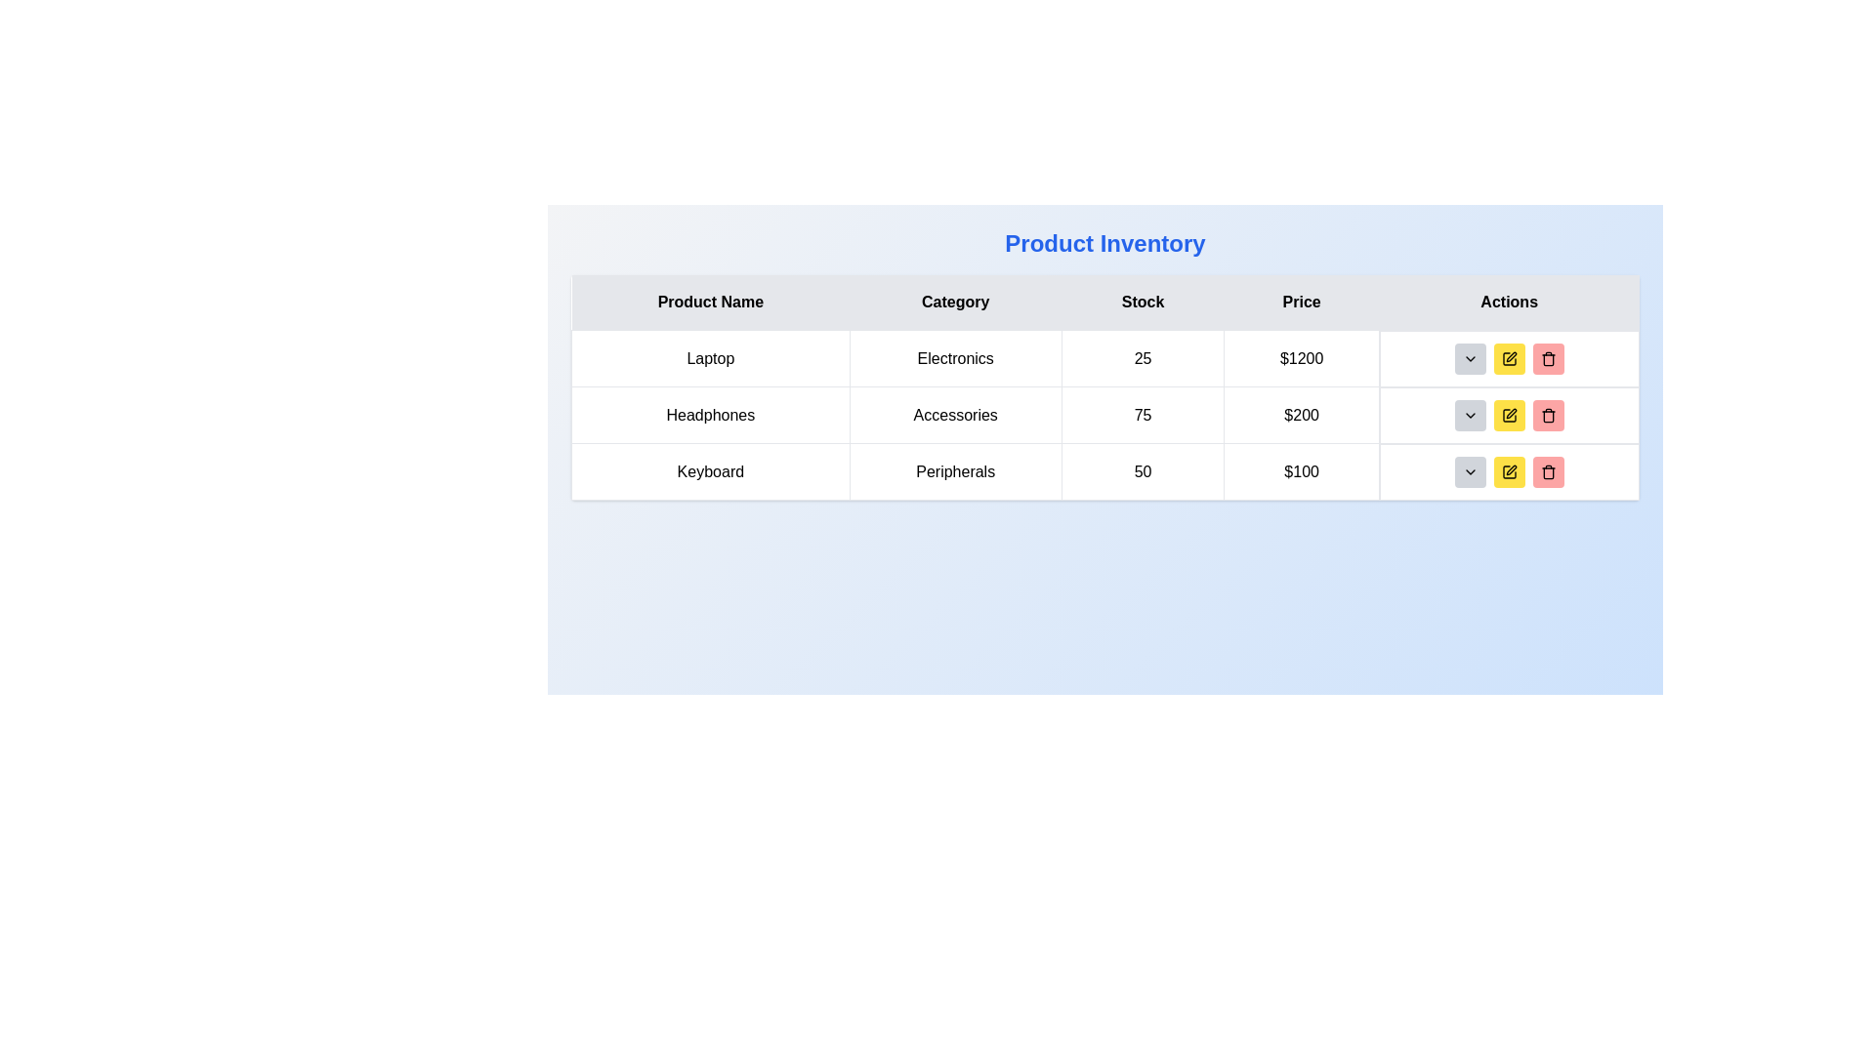  What do you see at coordinates (1143, 414) in the screenshot?
I see `the Text display cell showing '75'` at bounding box center [1143, 414].